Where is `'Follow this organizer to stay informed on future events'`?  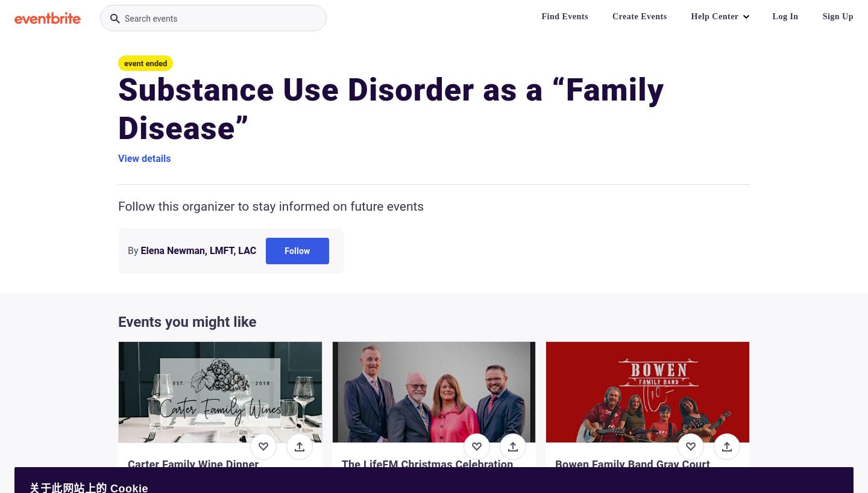
'Follow this organizer to stay informed on future events' is located at coordinates (271, 206).